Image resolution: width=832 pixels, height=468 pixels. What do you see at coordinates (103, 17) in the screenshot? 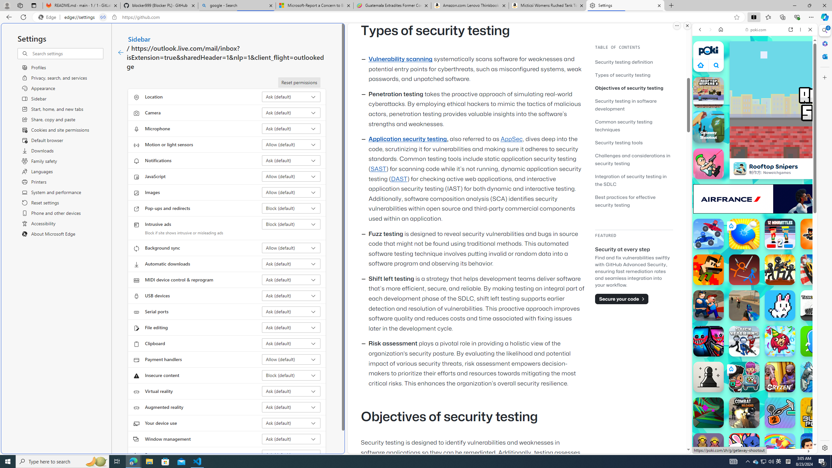
I see `'Tabs in split screen'` at bounding box center [103, 17].